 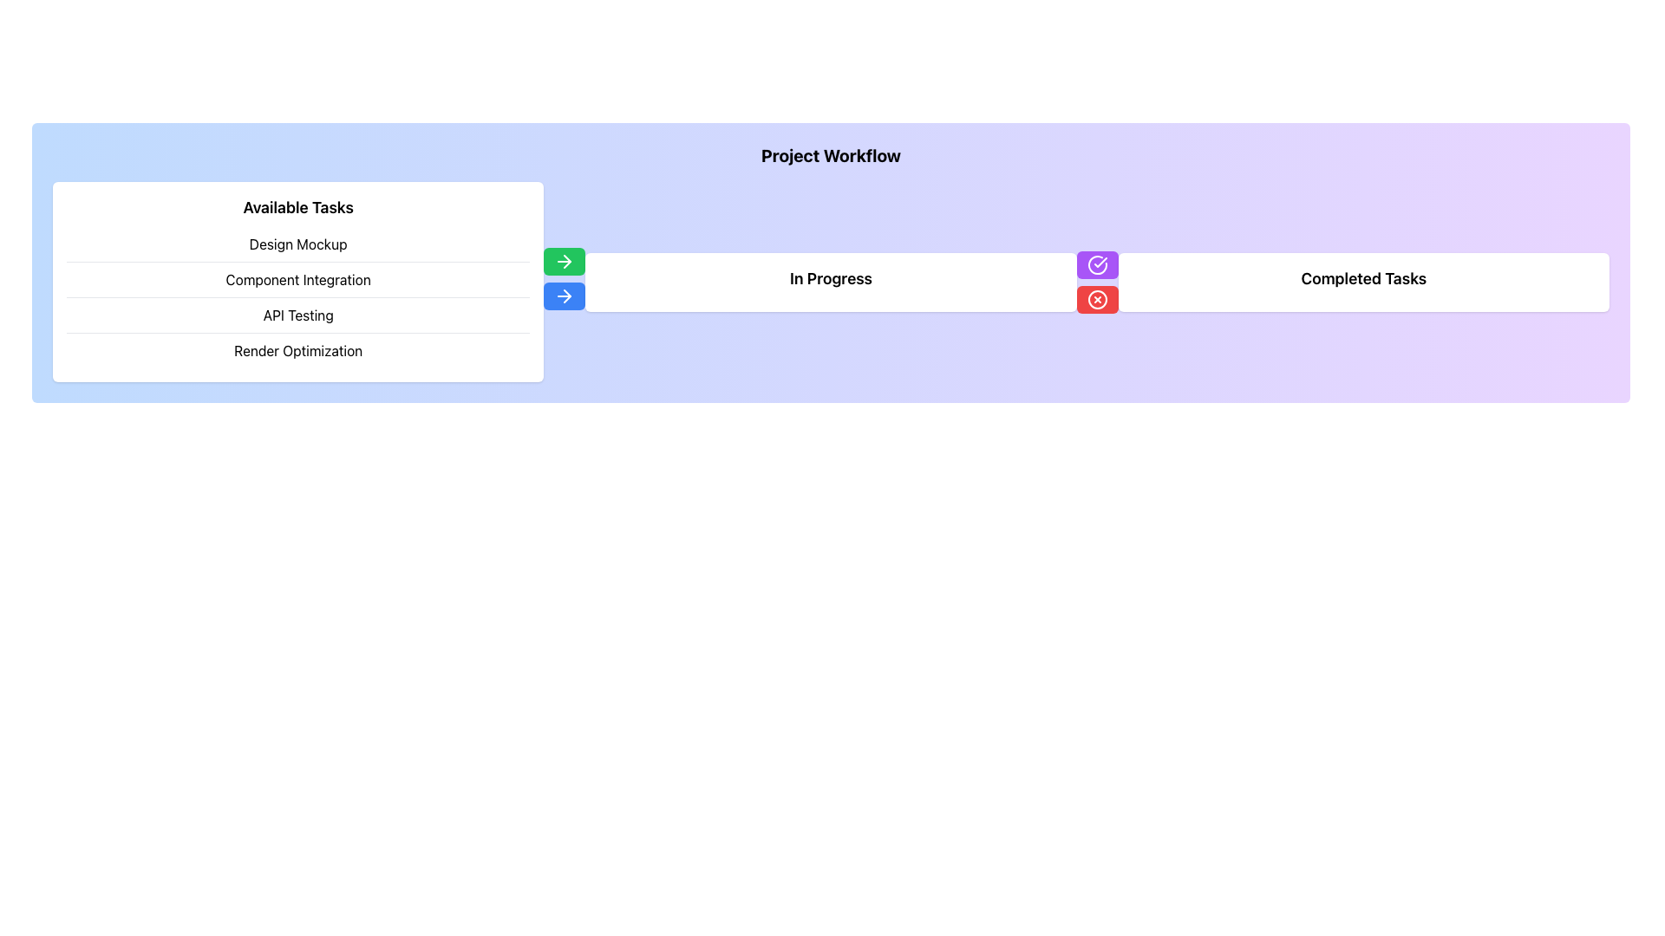 What do you see at coordinates (565, 261) in the screenshot?
I see `the green circular button with a white arrow icon pointing to the right to observe its hover effects` at bounding box center [565, 261].